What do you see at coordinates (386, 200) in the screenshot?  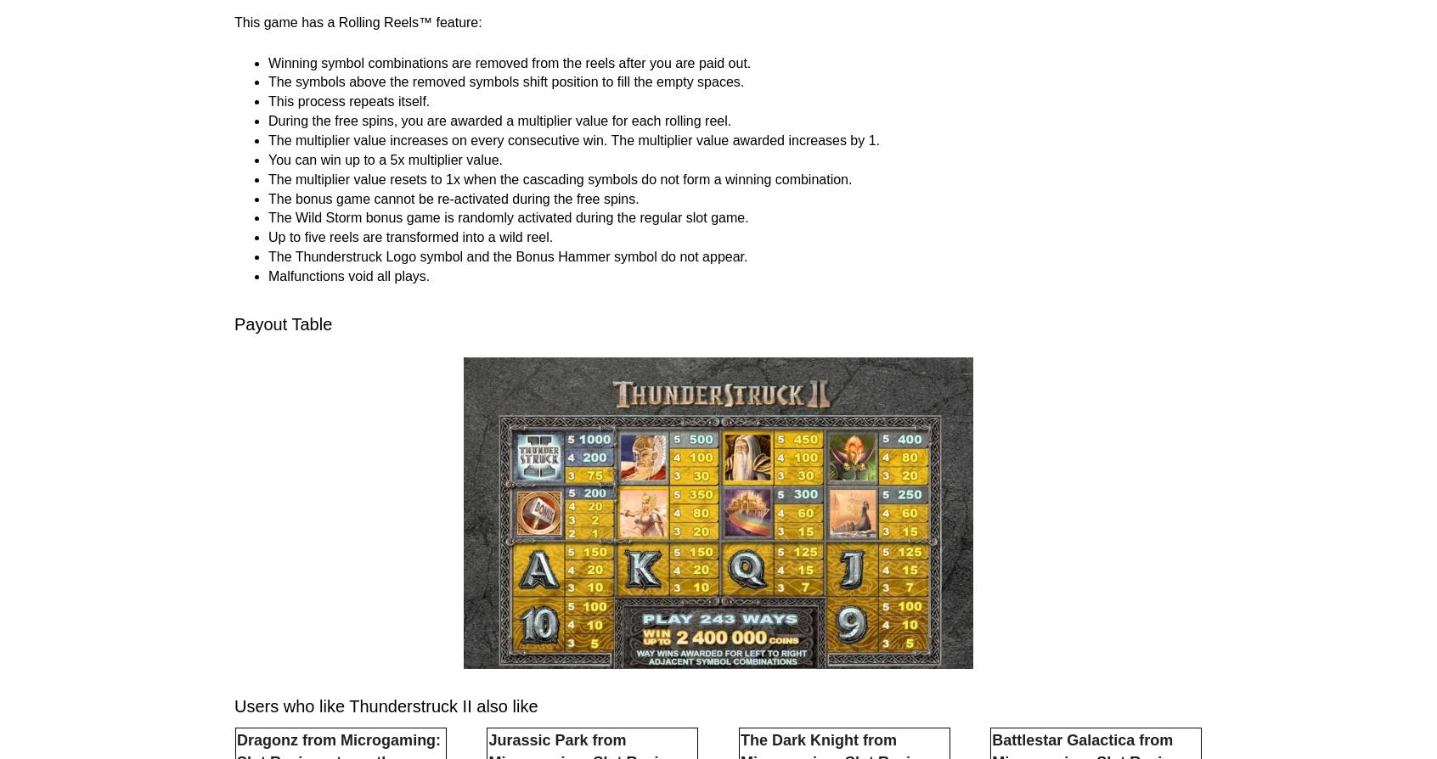 I see `'You are awarded twenty-five free spins.'` at bounding box center [386, 200].